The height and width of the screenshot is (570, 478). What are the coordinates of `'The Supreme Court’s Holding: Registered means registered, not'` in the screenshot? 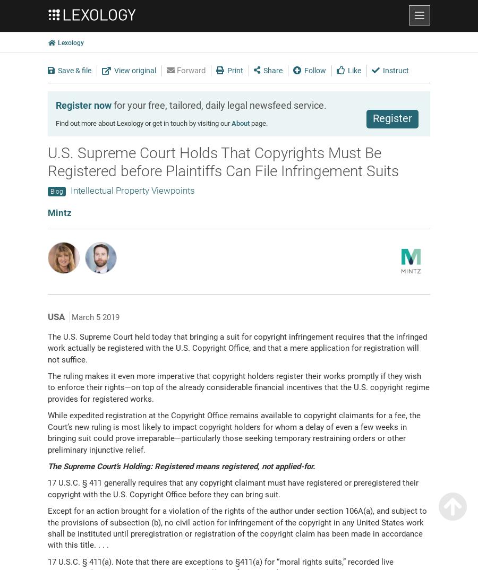 It's located at (161, 465).